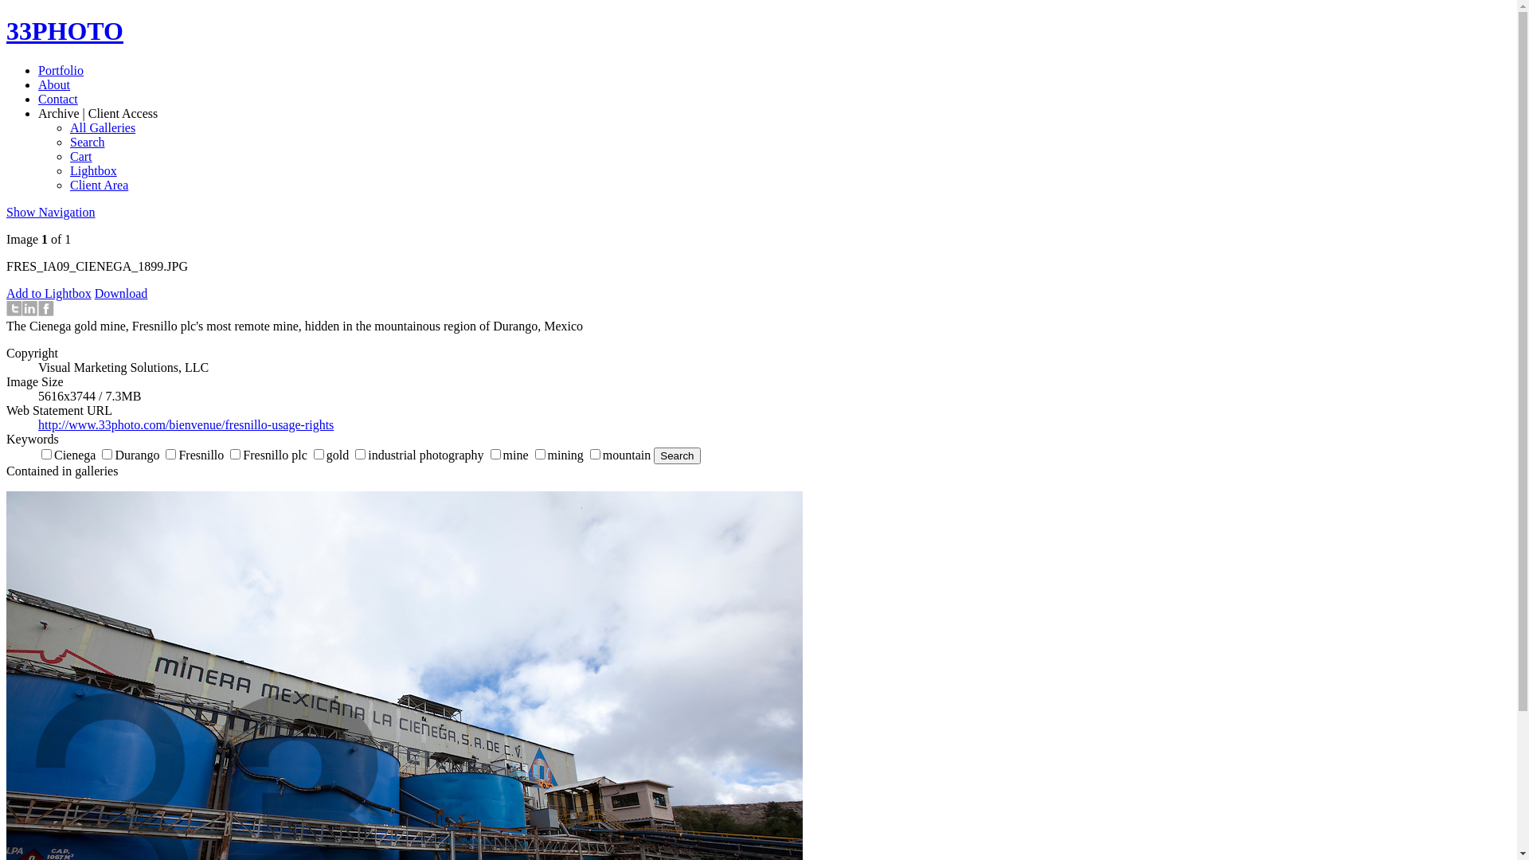  Describe the element at coordinates (98, 184) in the screenshot. I see `'Client Area'` at that location.